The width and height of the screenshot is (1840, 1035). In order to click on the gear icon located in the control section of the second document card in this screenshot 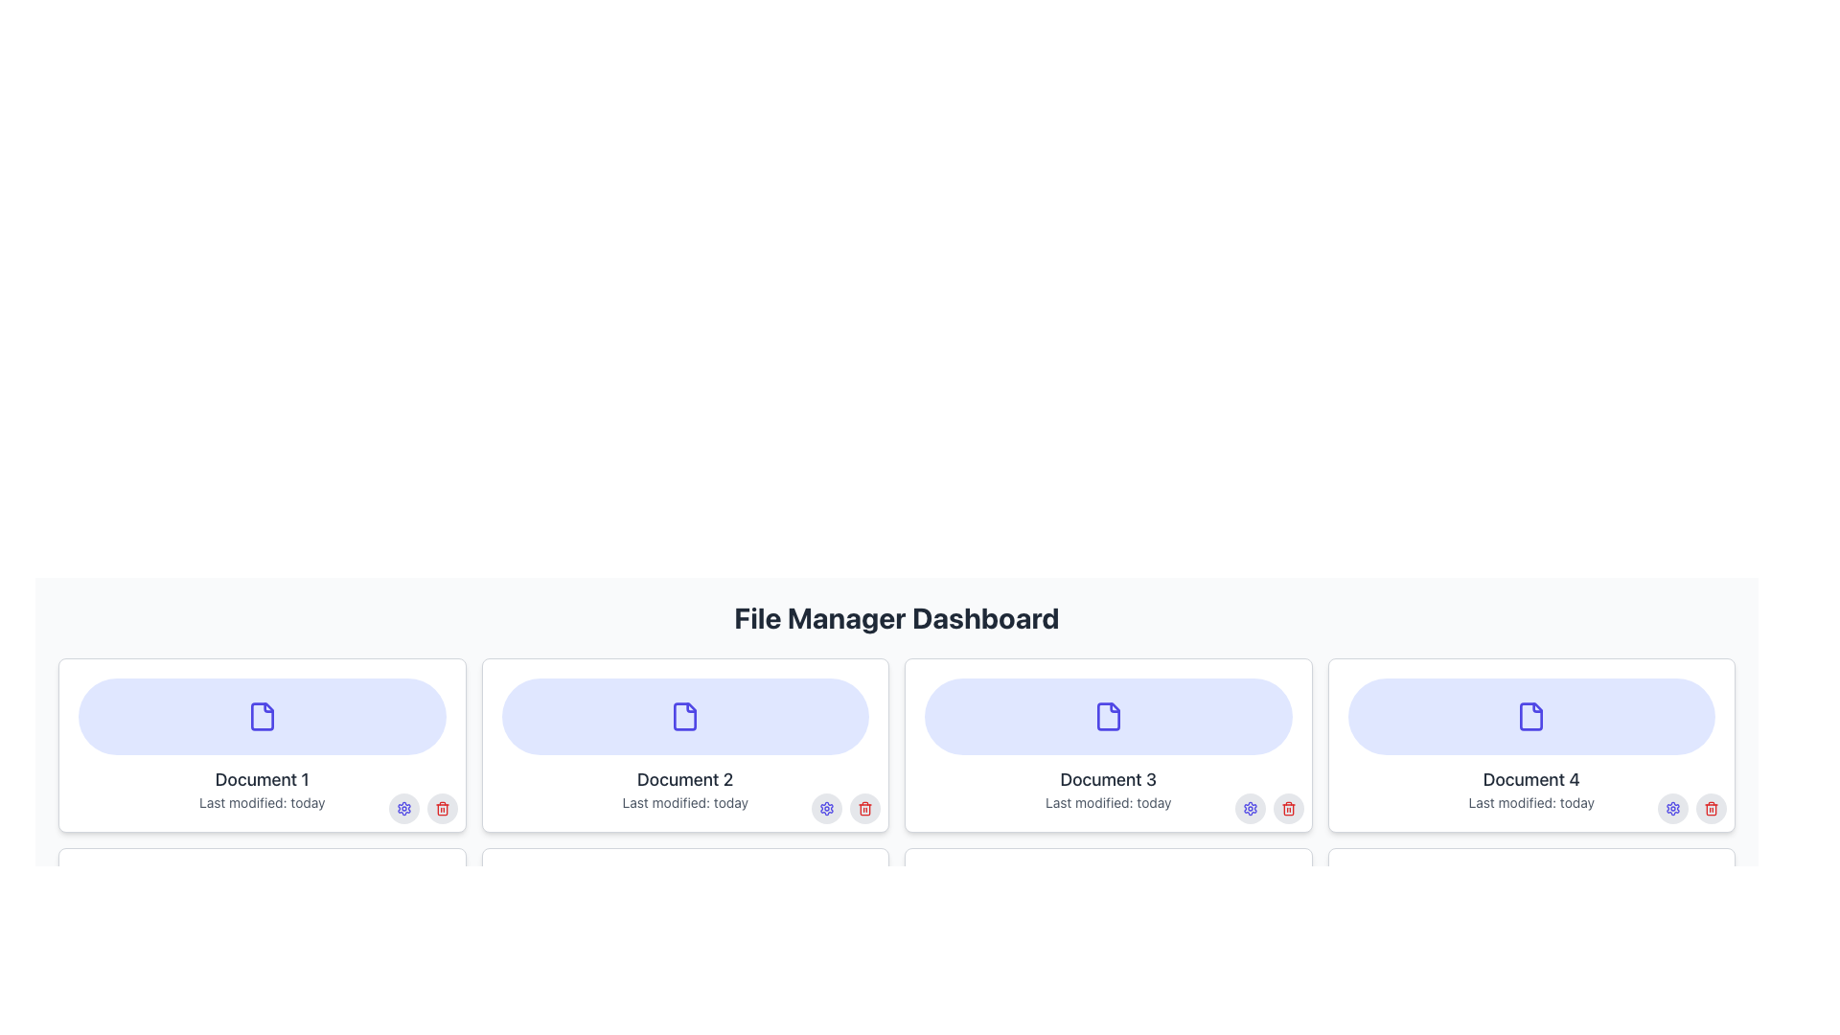, I will do `click(402, 809)`.